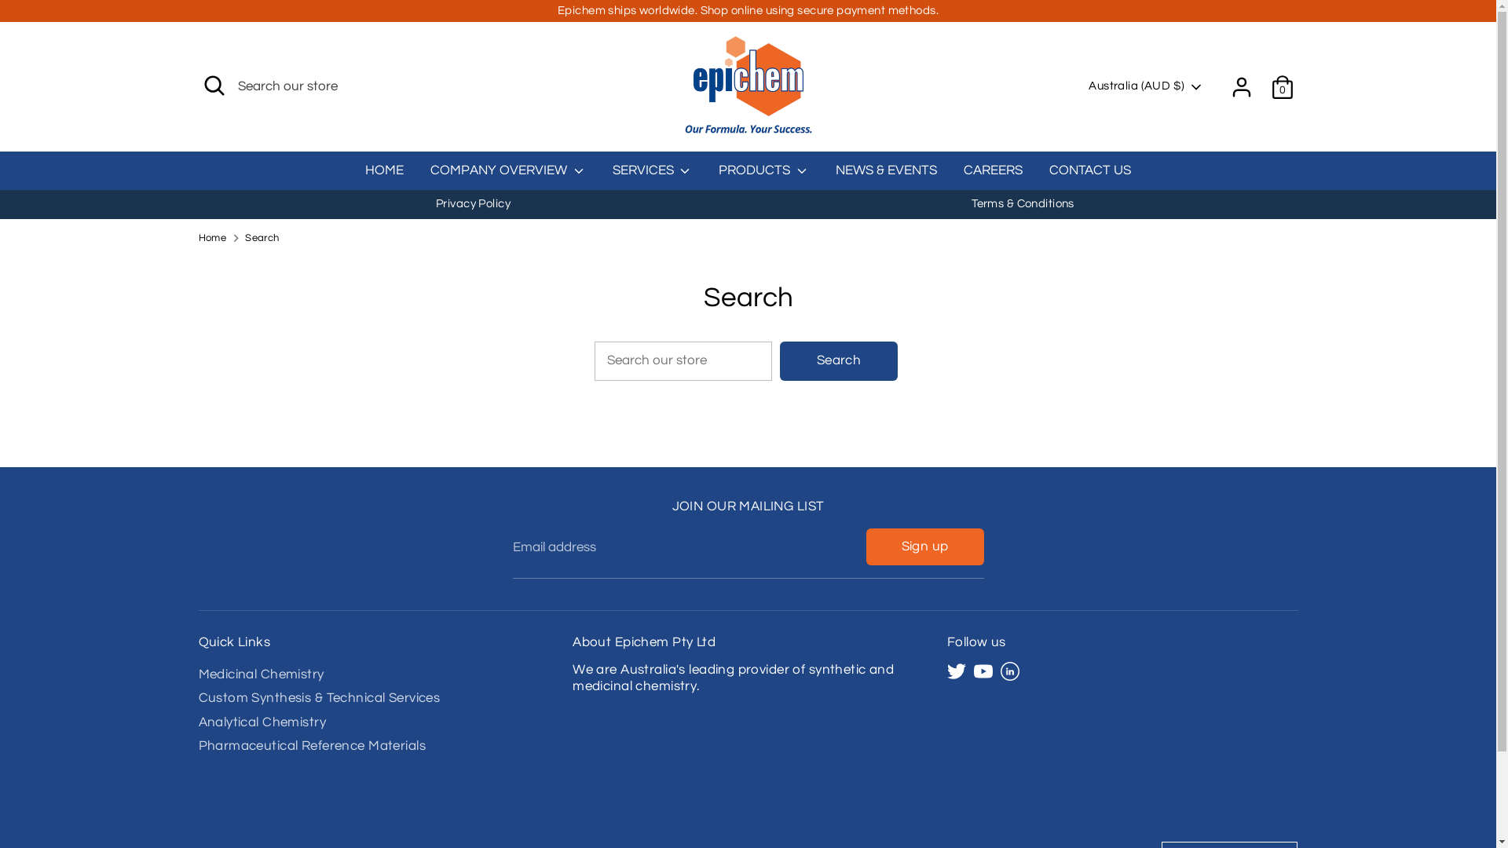  What do you see at coordinates (197, 744) in the screenshot?
I see `'Pharmaceutical Reference Materials'` at bounding box center [197, 744].